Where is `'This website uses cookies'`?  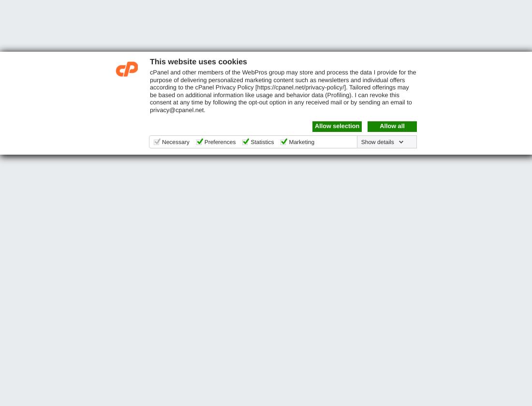
'This website uses cookies' is located at coordinates (149, 62).